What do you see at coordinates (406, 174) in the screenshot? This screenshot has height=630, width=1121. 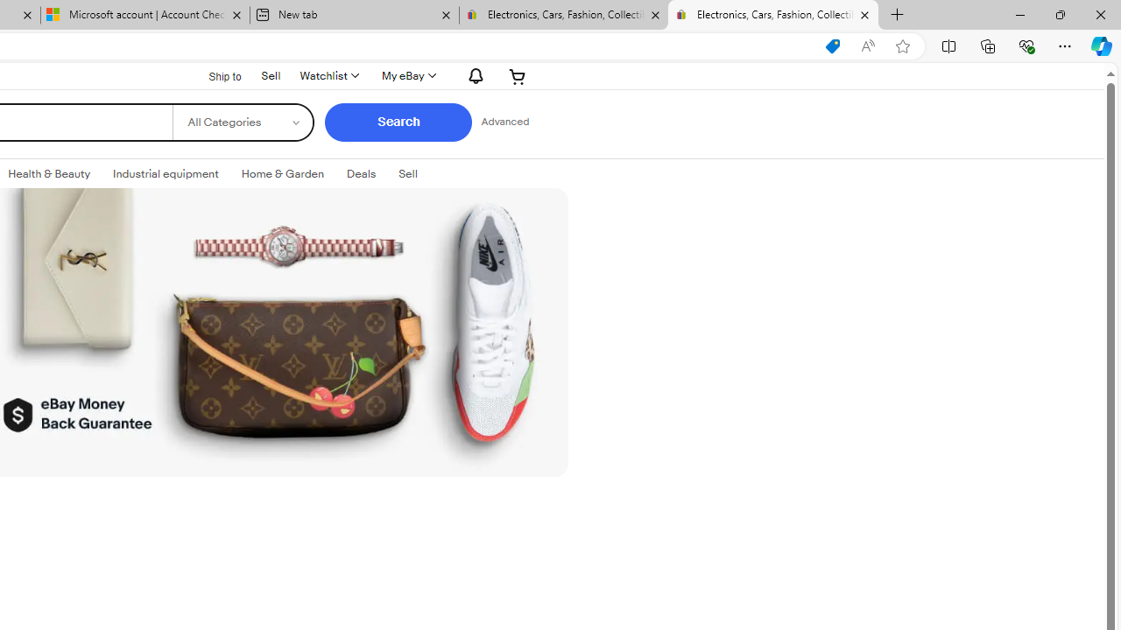 I see `'SellExpand: Sell'` at bounding box center [406, 174].